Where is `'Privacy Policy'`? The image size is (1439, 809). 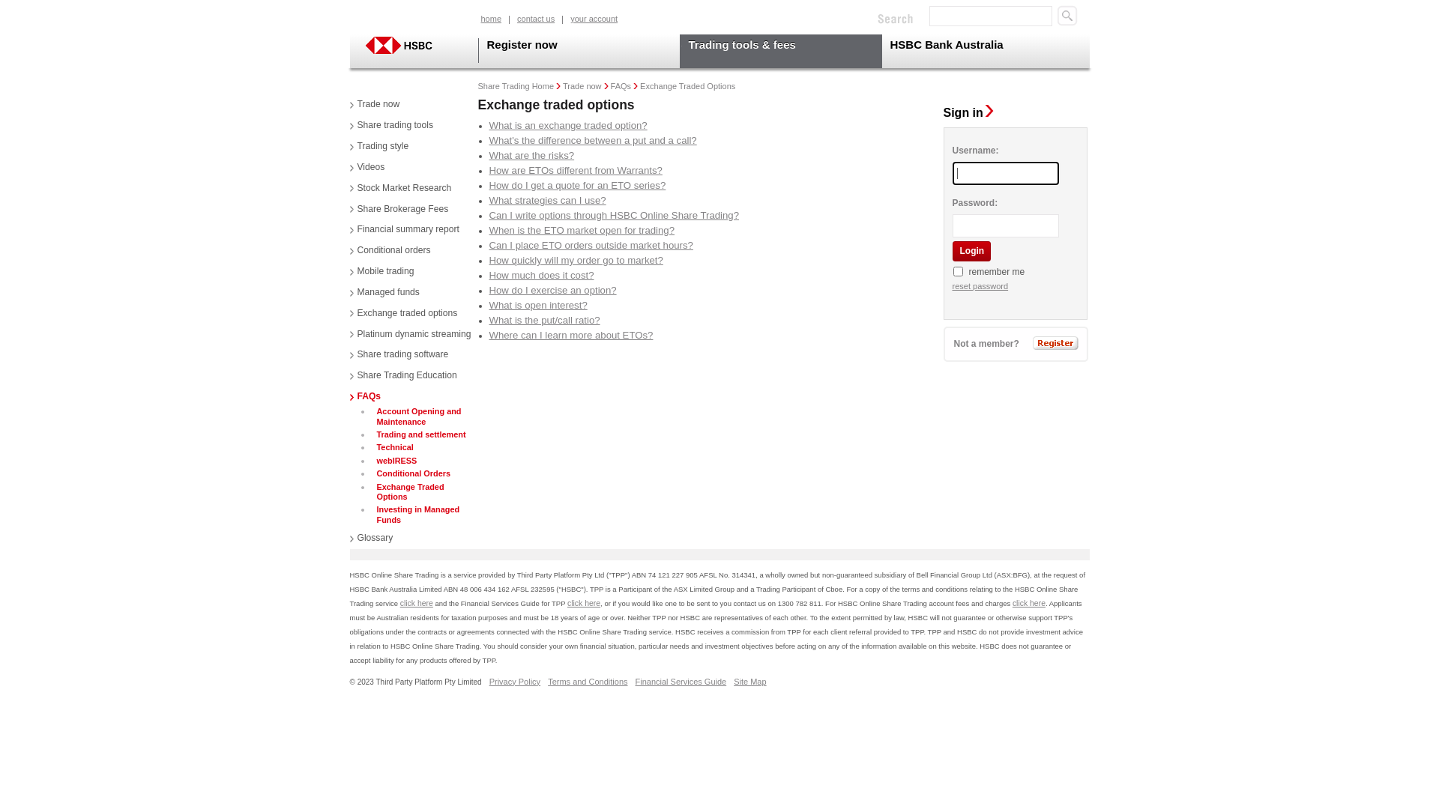 'Privacy Policy' is located at coordinates (489, 682).